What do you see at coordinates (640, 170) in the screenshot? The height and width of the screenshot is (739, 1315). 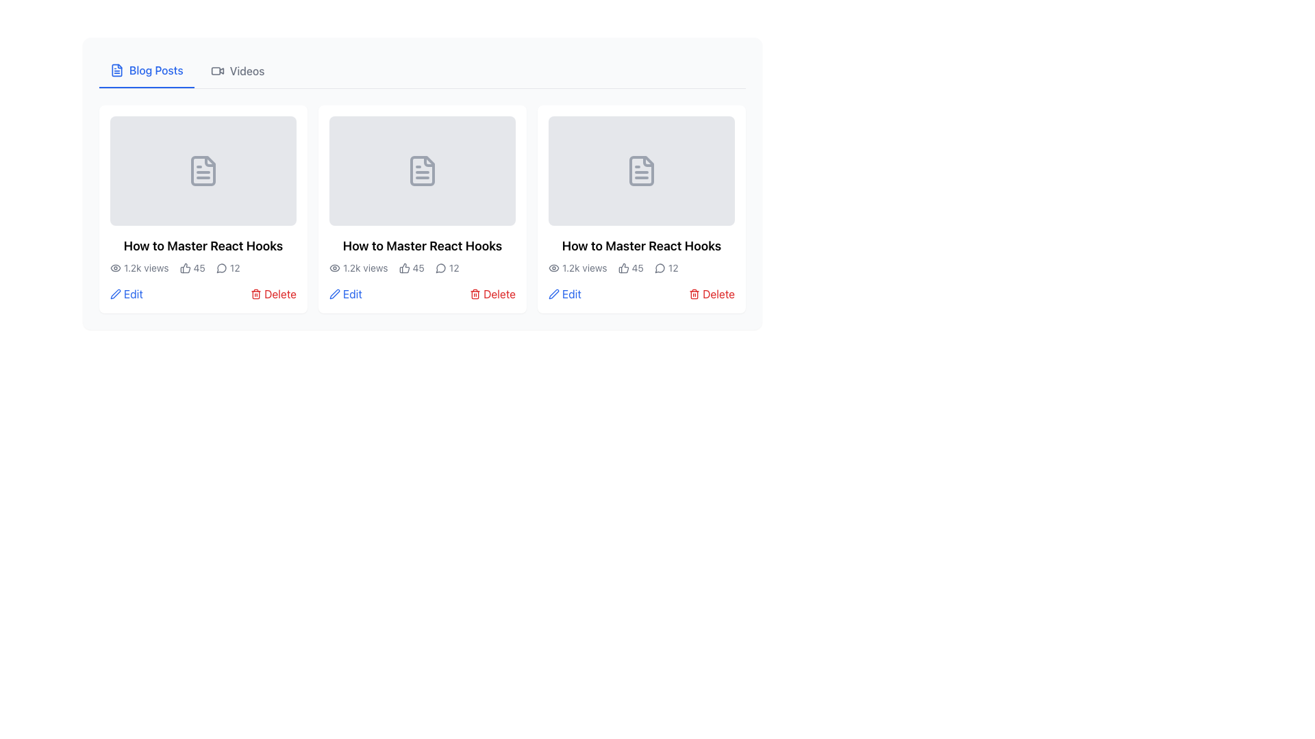 I see `the document icon located in the third graphical placeholder under the 'Blog Posts' tab` at bounding box center [640, 170].